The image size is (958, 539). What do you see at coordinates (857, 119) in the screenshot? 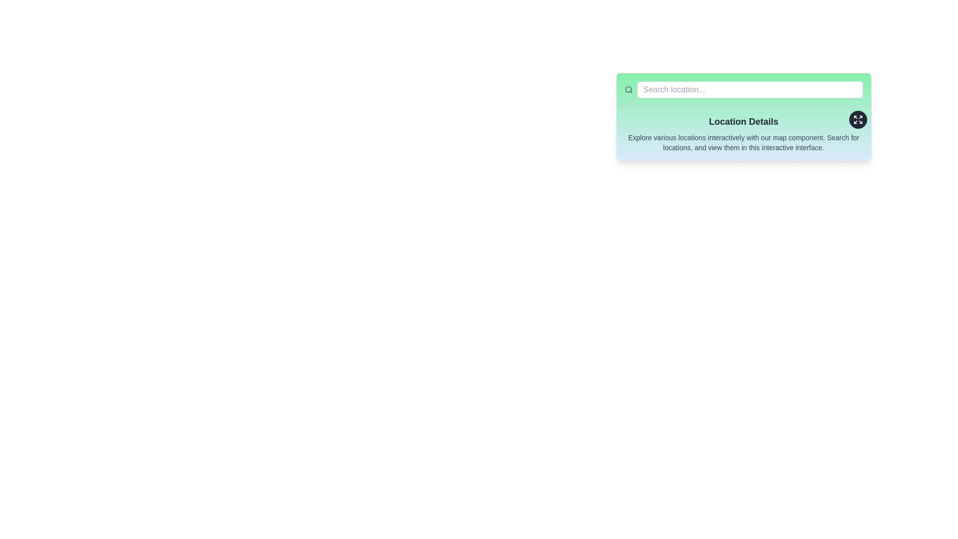
I see `the expand icon, which consists of four arrows extending outwards from the center against a dark circular background, located at the top-right corner adjacent to the 'Location Details' title` at bounding box center [857, 119].